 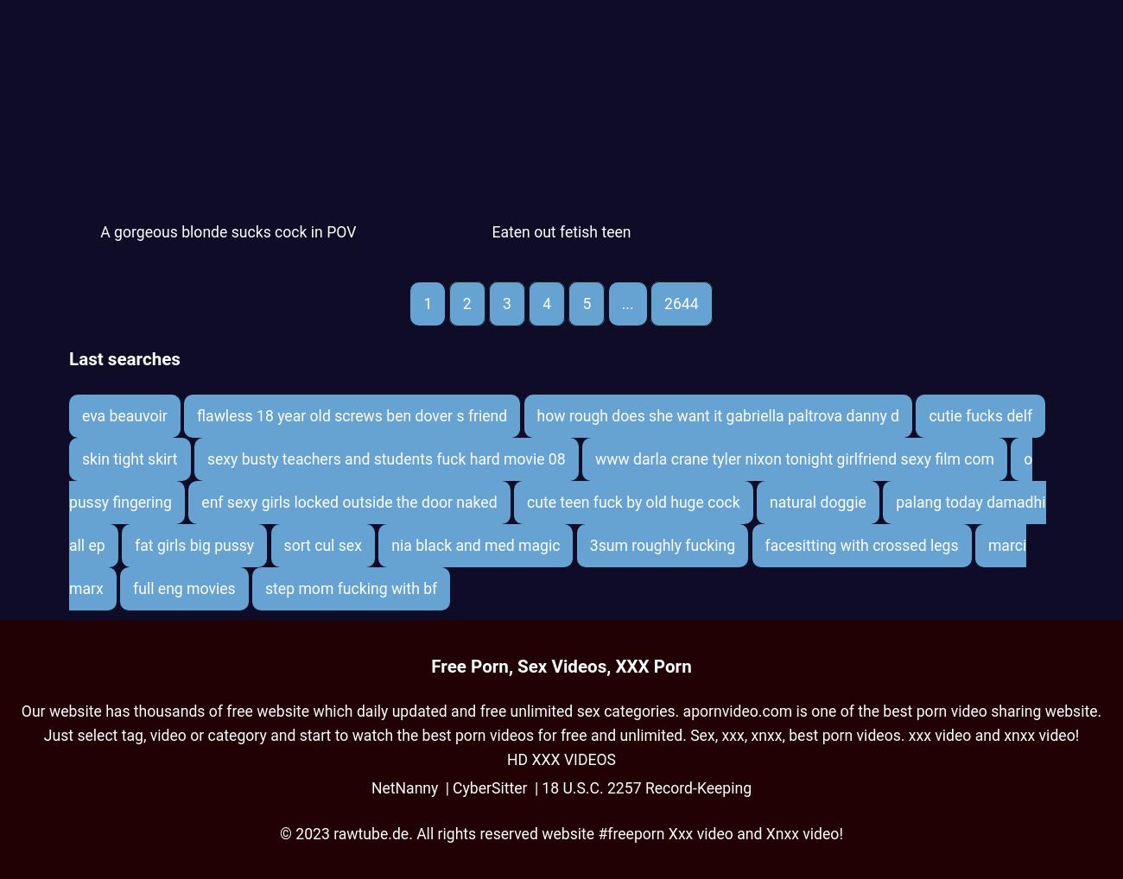 I want to click on 'skin tight skirt', so click(x=129, y=457).